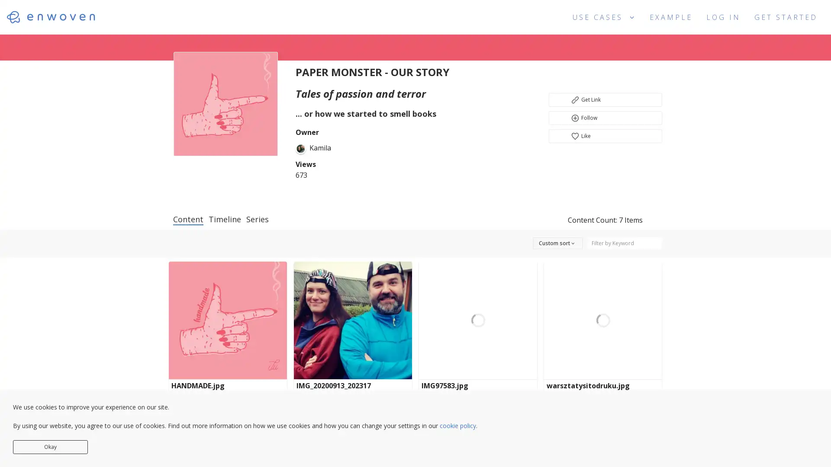 The image size is (831, 467). I want to click on 165 views image preview, so click(602, 320).